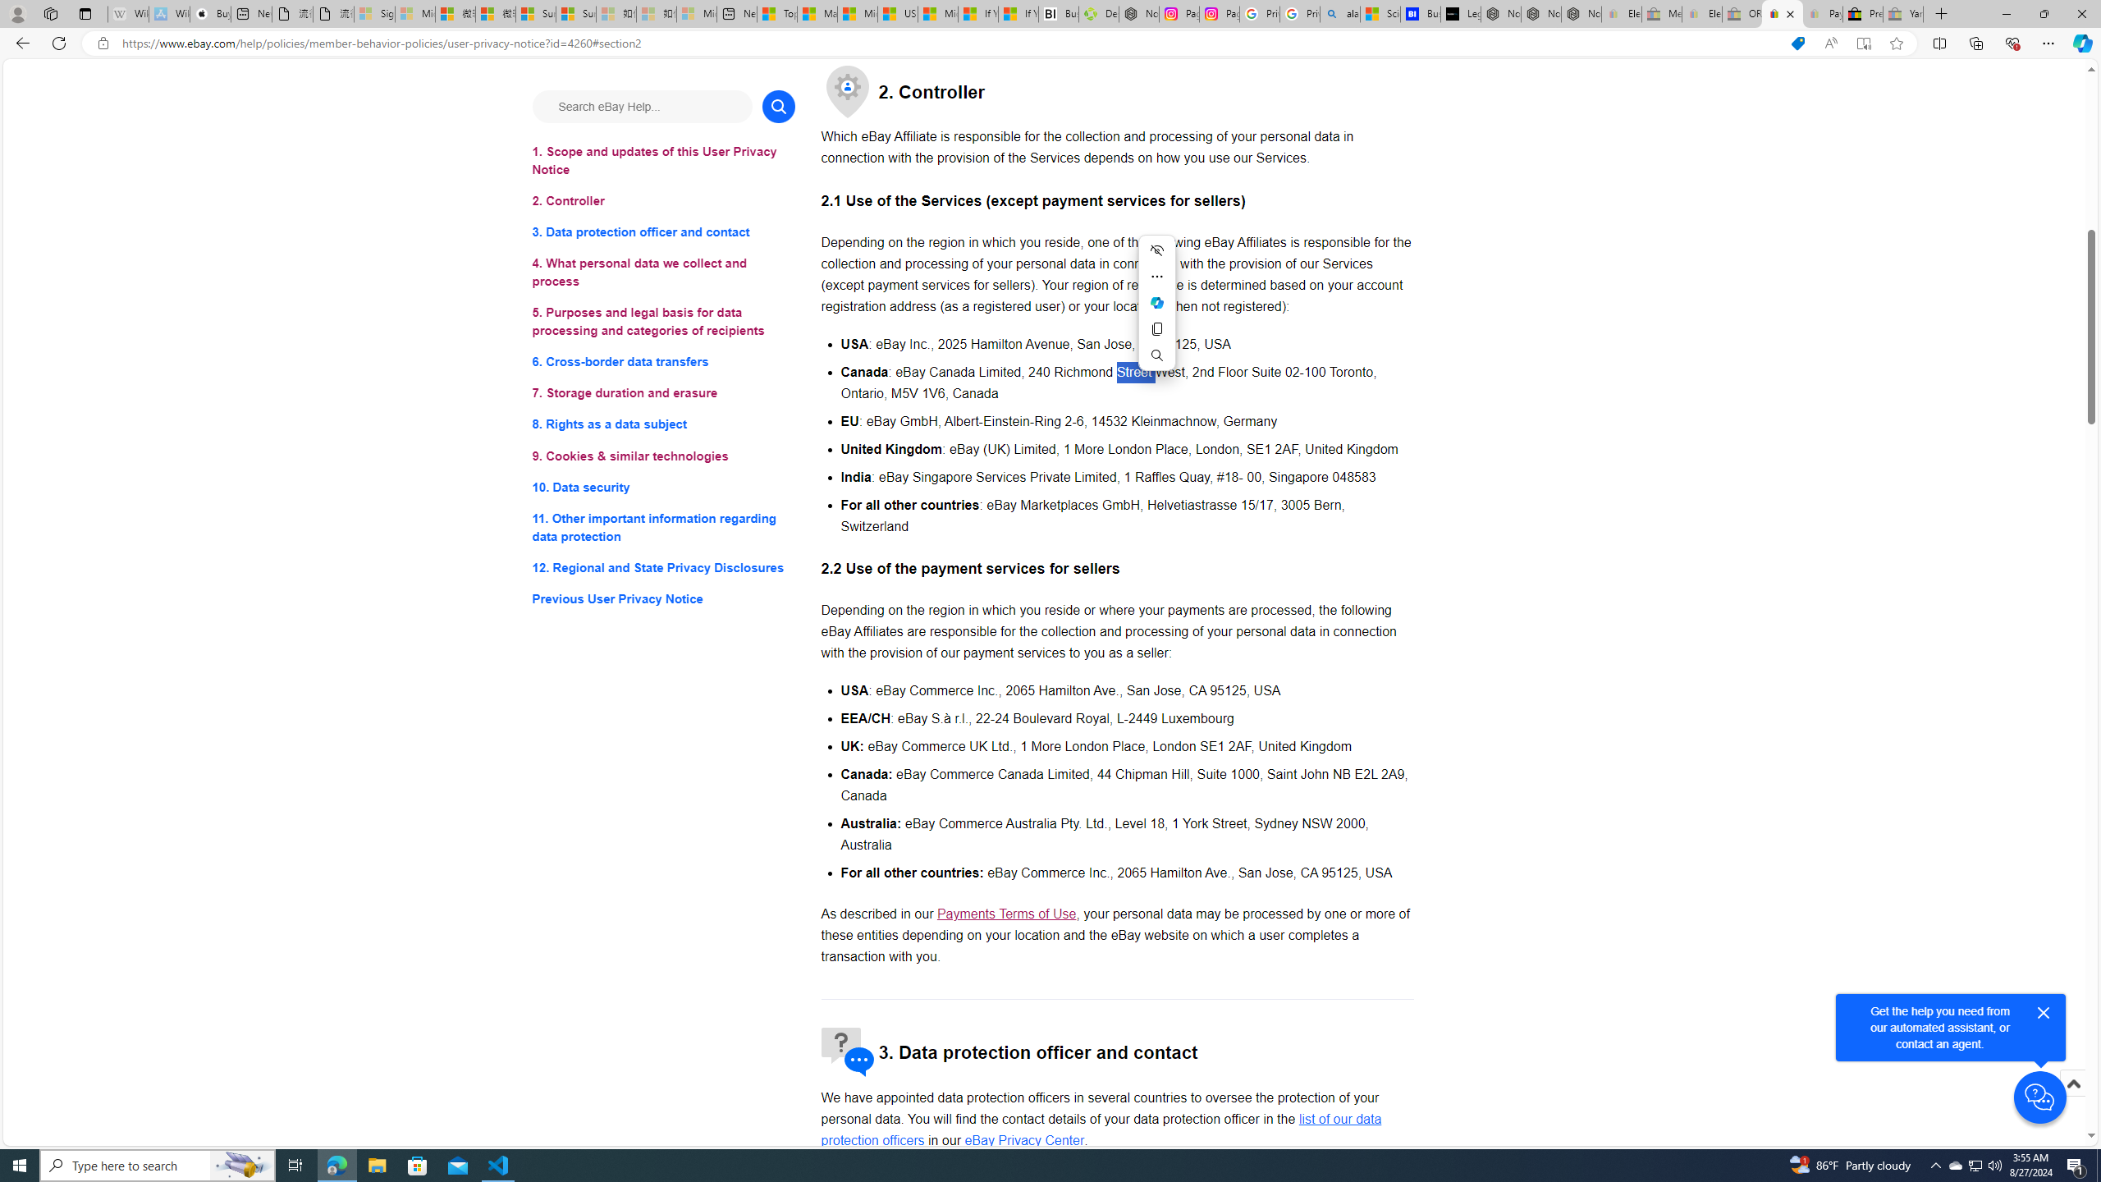 This screenshot has height=1182, width=2101. Describe the element at coordinates (662, 456) in the screenshot. I see `'9. Cookies & similar technologies'` at that location.